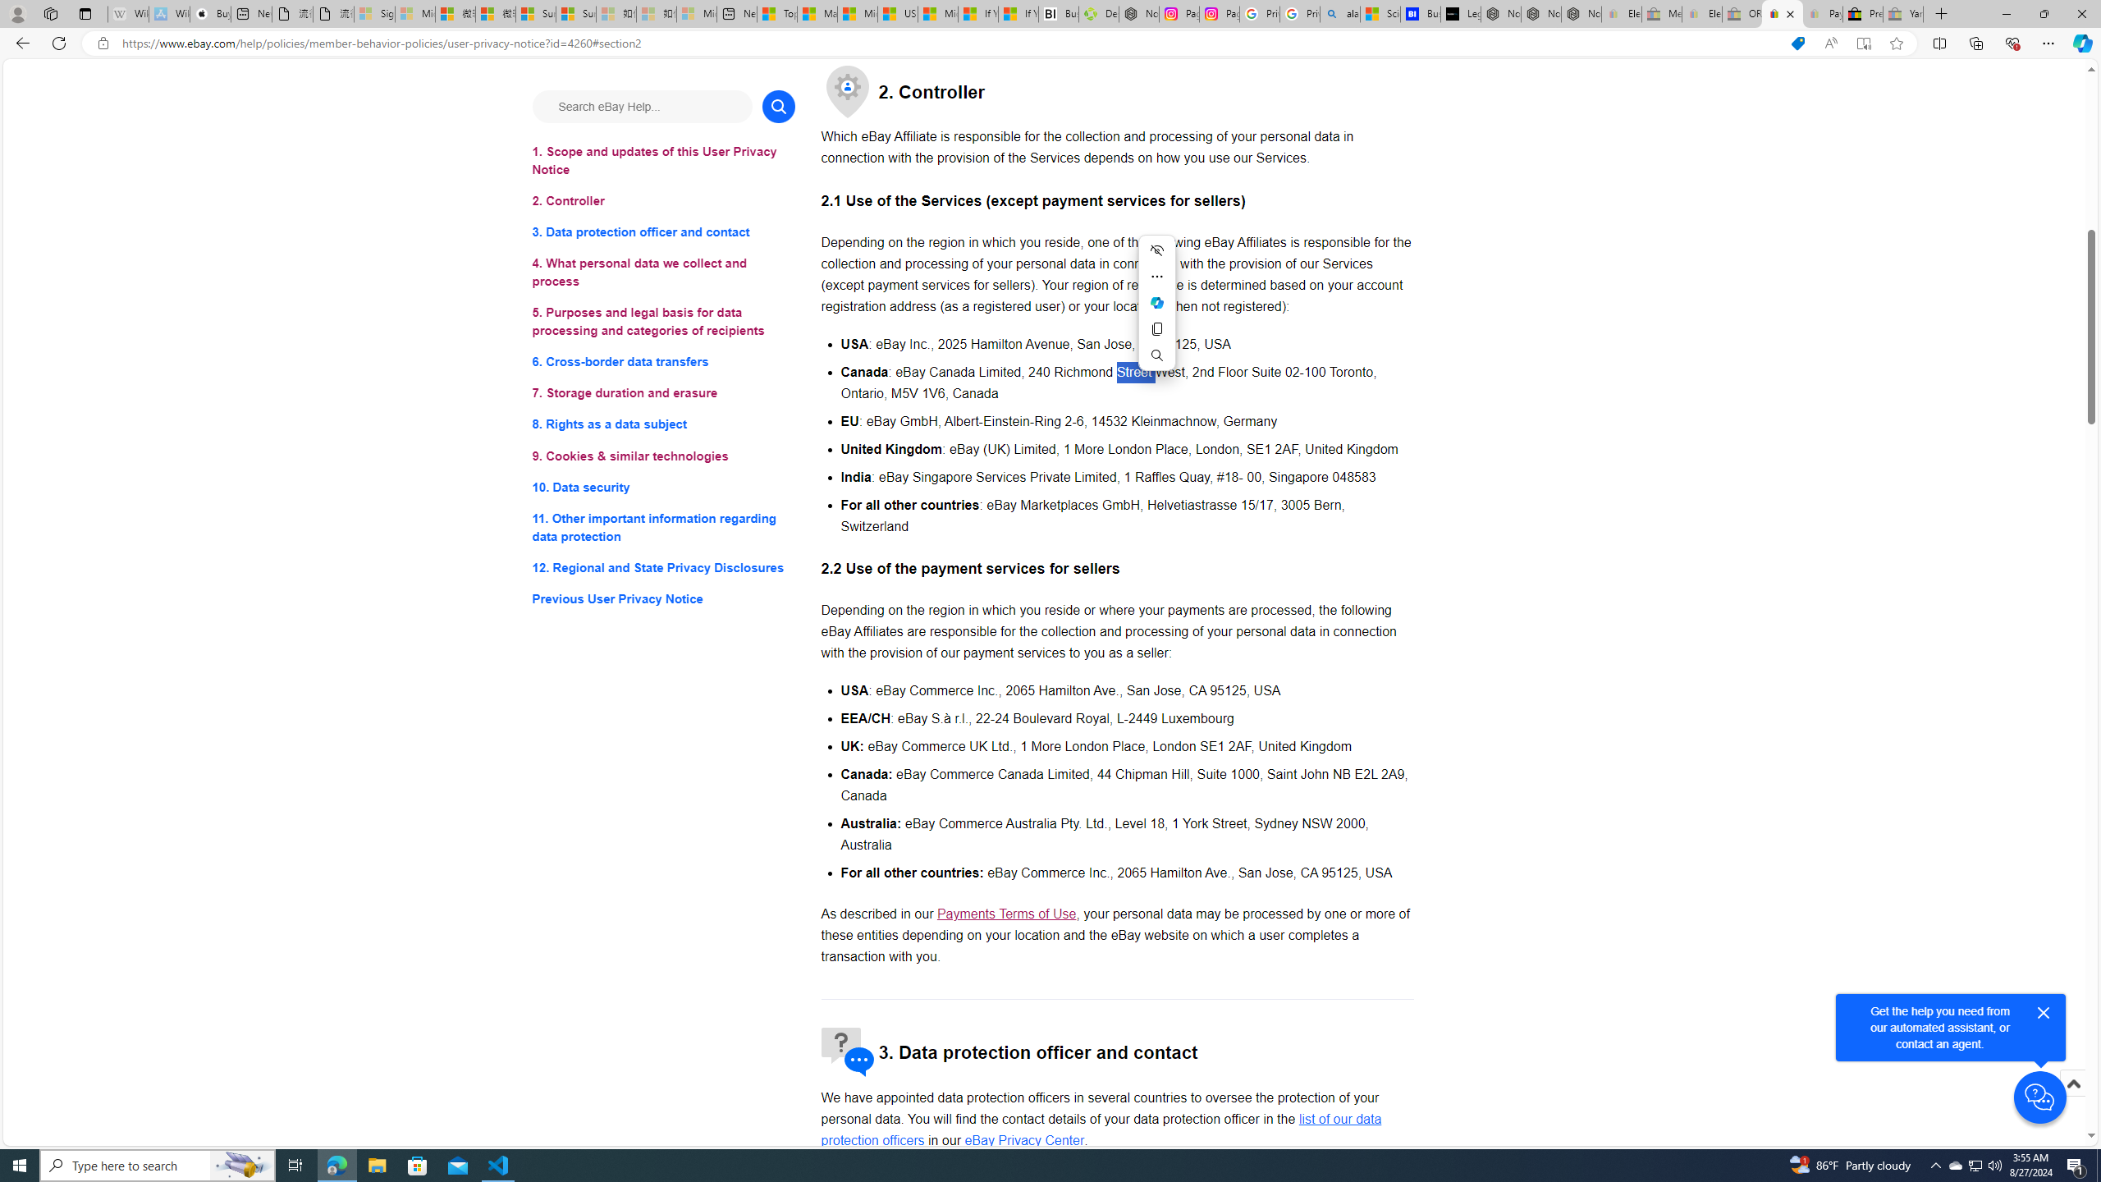 This screenshot has height=1182, width=2101. Describe the element at coordinates (662, 456) in the screenshot. I see `'9. Cookies & similar technologies'` at that location.